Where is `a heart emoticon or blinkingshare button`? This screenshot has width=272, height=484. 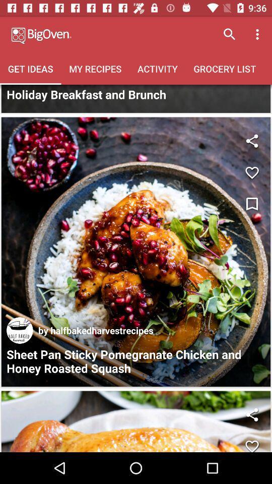 a heart emoticon or blinkingshare button is located at coordinates (251, 442).